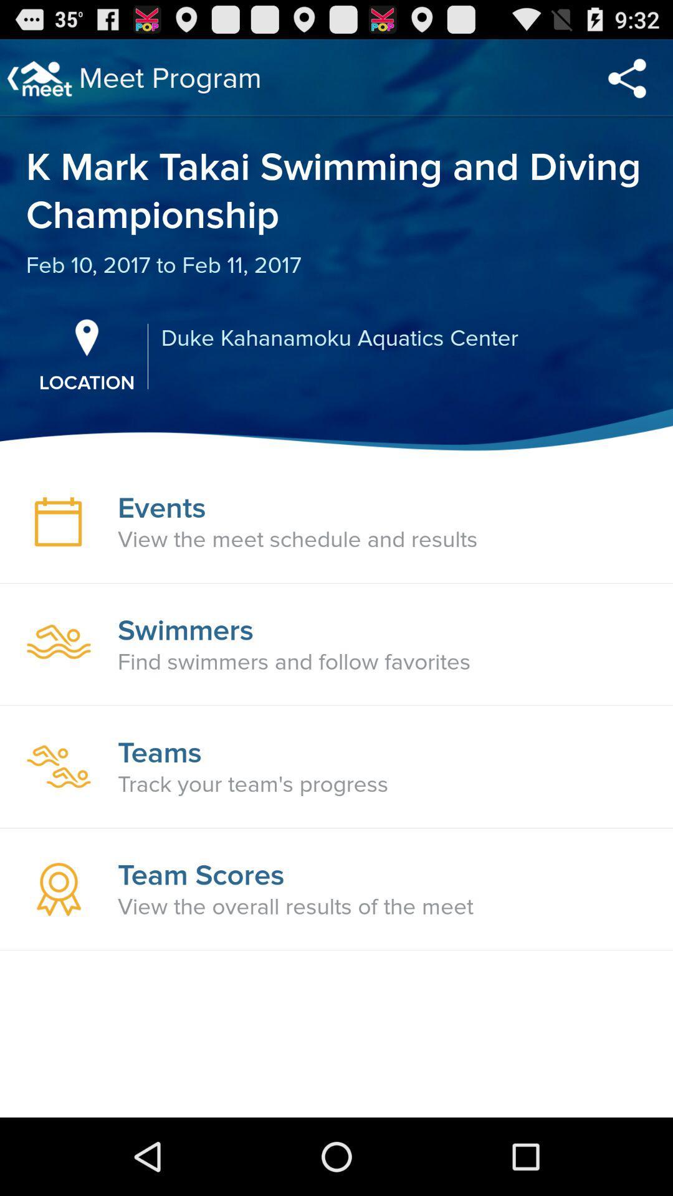 This screenshot has height=1196, width=673. What do you see at coordinates (627, 77) in the screenshot?
I see `app next to the meet program icon` at bounding box center [627, 77].